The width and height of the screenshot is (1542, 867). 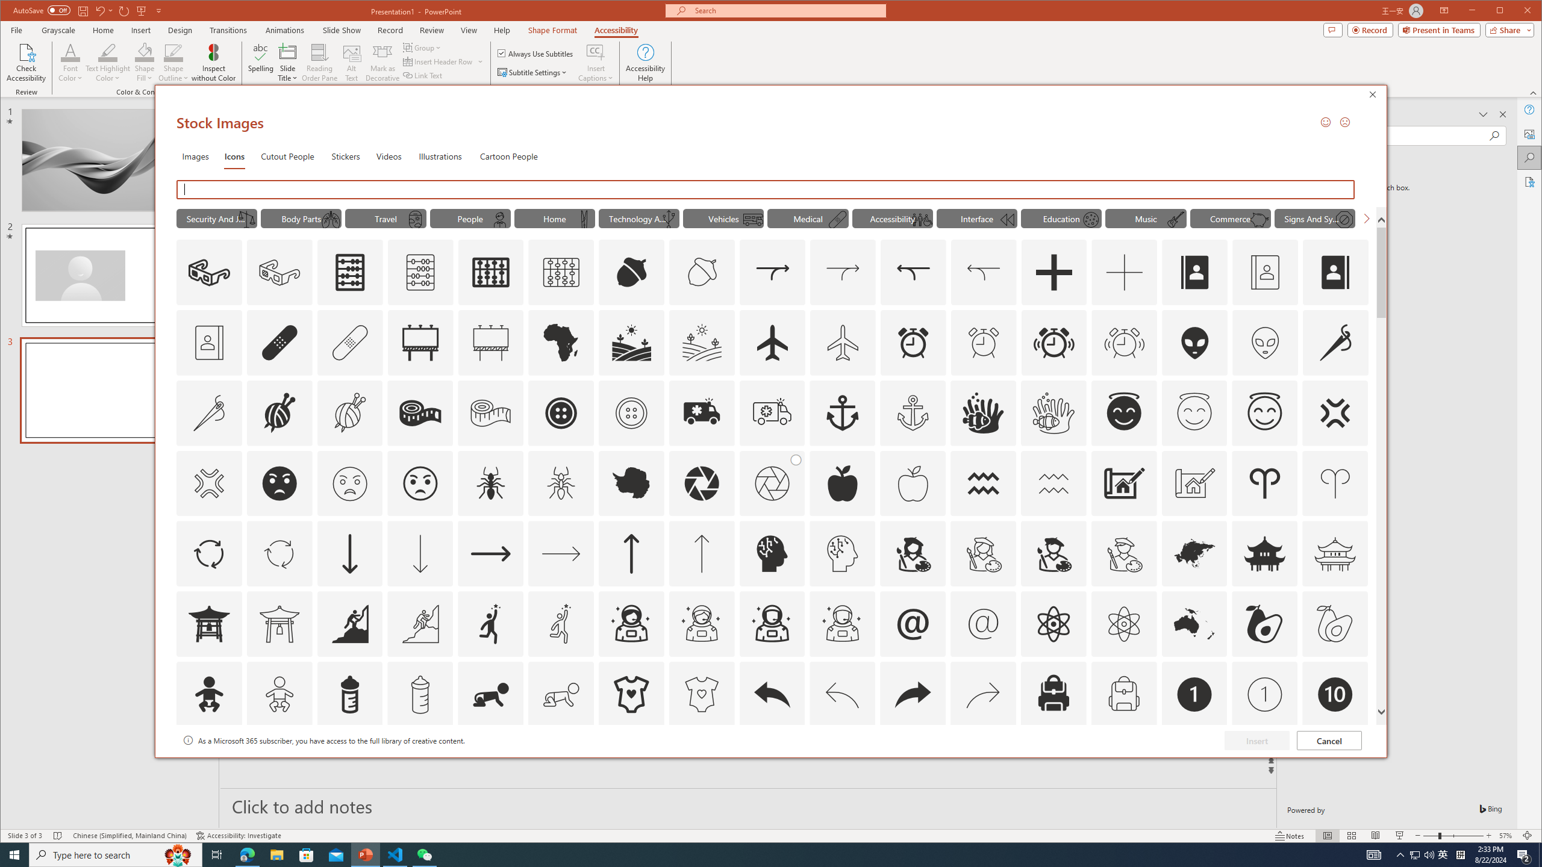 What do you see at coordinates (1264, 553) in the screenshot?
I see `'AutomationID: Icons_AsianTemple'` at bounding box center [1264, 553].